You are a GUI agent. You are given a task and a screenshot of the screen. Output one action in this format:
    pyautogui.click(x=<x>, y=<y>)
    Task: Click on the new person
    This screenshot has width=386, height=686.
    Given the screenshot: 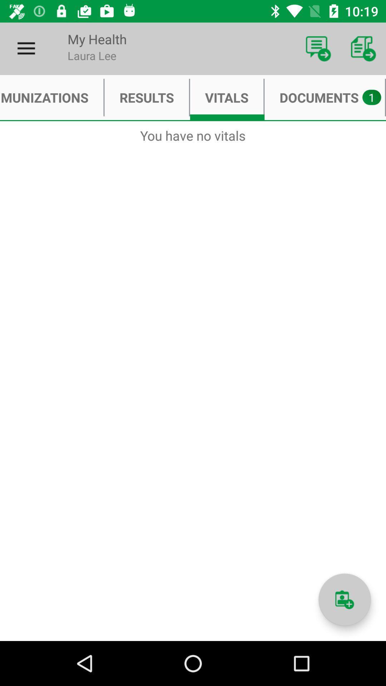 What is the action you would take?
    pyautogui.click(x=344, y=600)
    